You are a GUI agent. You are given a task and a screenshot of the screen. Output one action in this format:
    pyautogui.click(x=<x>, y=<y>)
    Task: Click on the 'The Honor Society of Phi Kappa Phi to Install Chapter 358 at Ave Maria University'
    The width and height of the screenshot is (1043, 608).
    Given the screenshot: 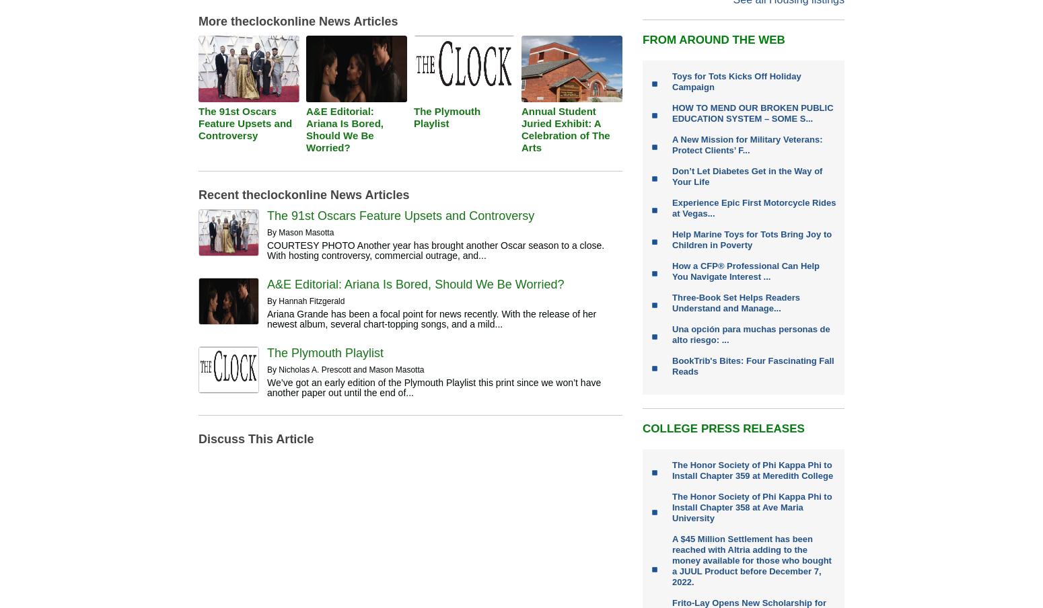 What is the action you would take?
    pyautogui.click(x=671, y=507)
    